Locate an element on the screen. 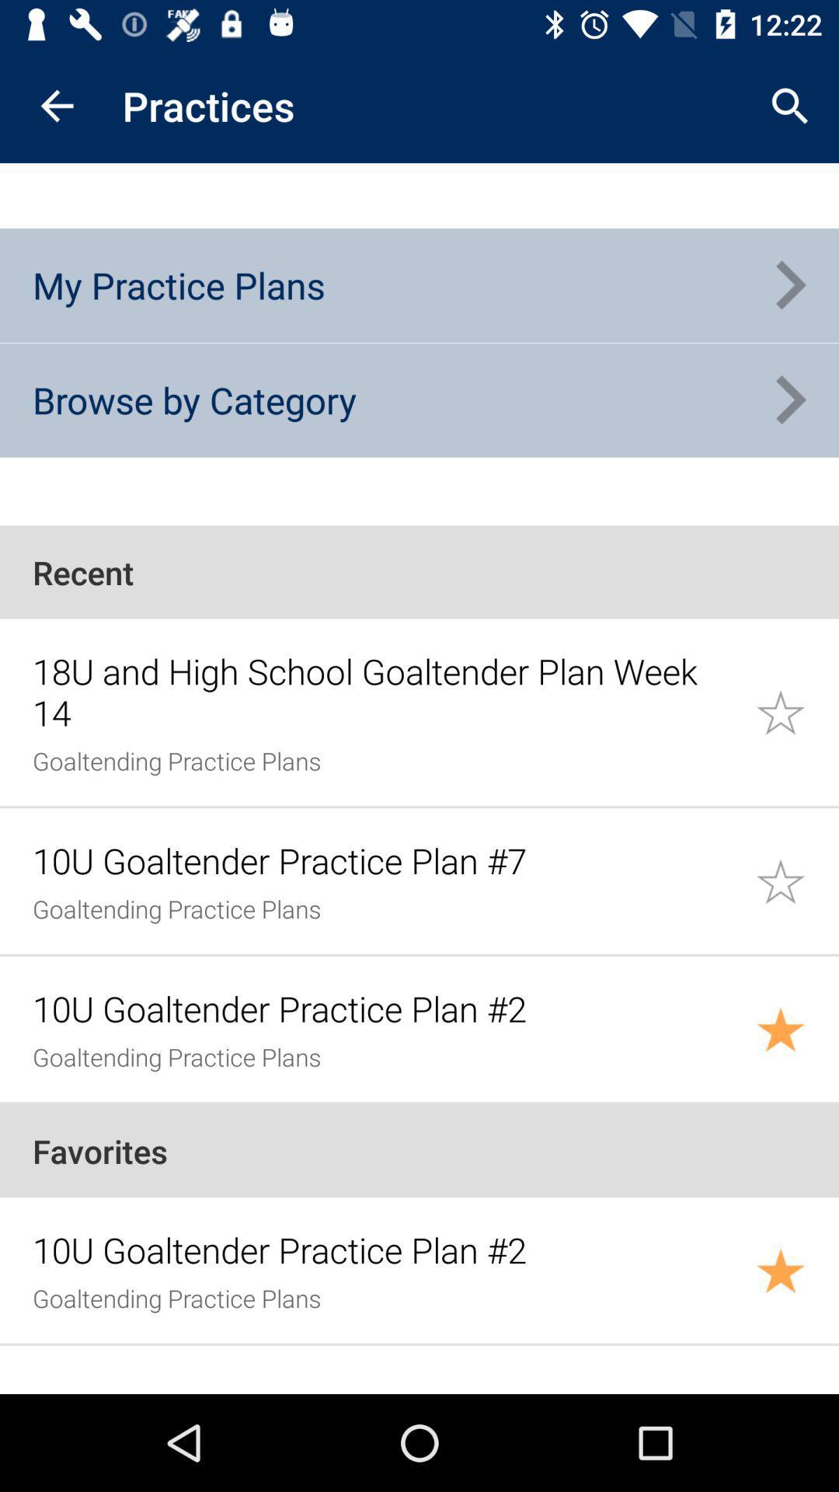 The height and width of the screenshot is (1492, 839). icon next to practices is located at coordinates (56, 105).